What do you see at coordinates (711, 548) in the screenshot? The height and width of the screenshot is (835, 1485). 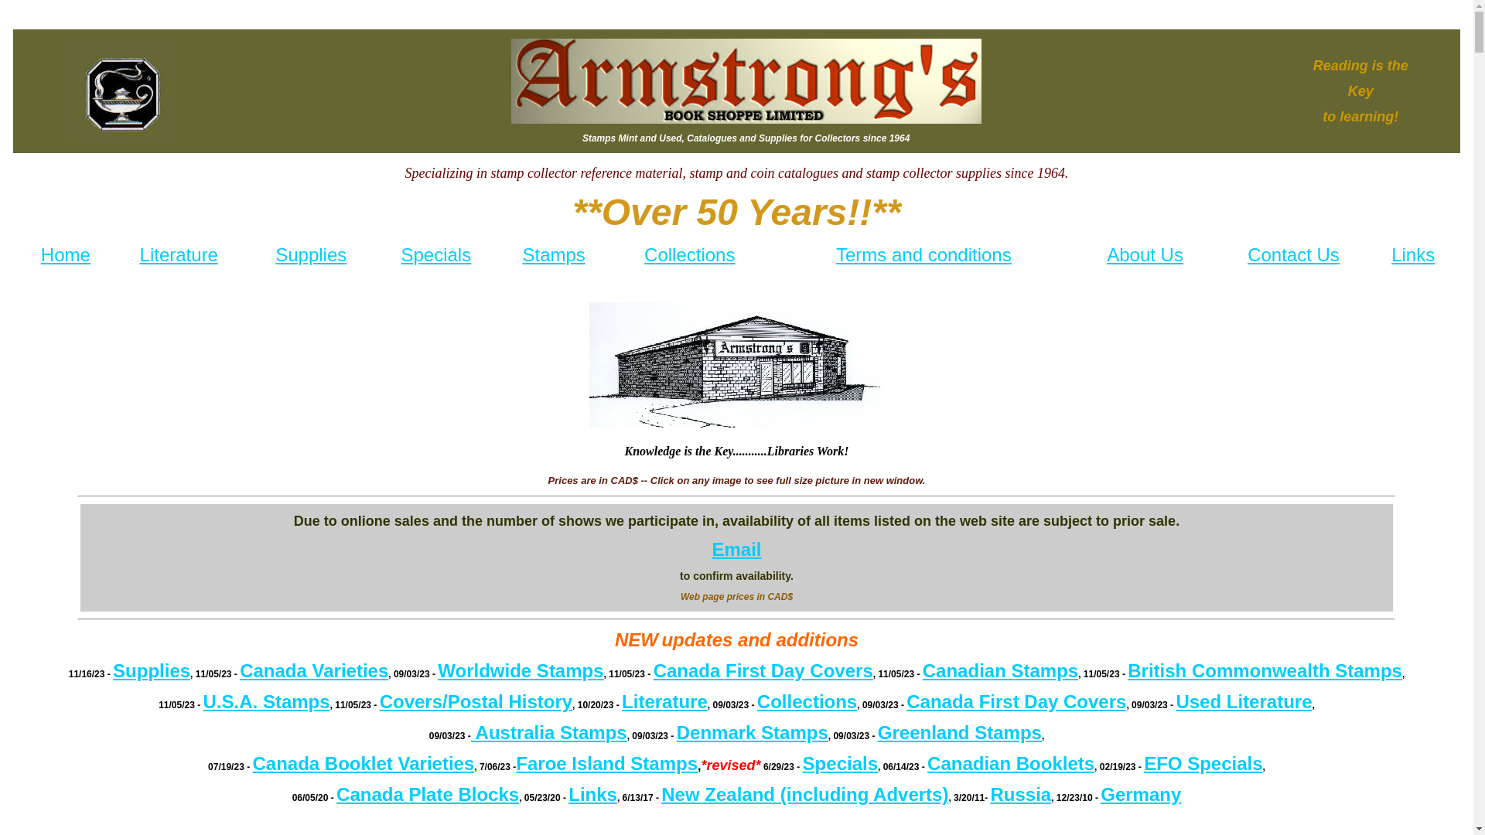 I see `'Email'` at bounding box center [711, 548].